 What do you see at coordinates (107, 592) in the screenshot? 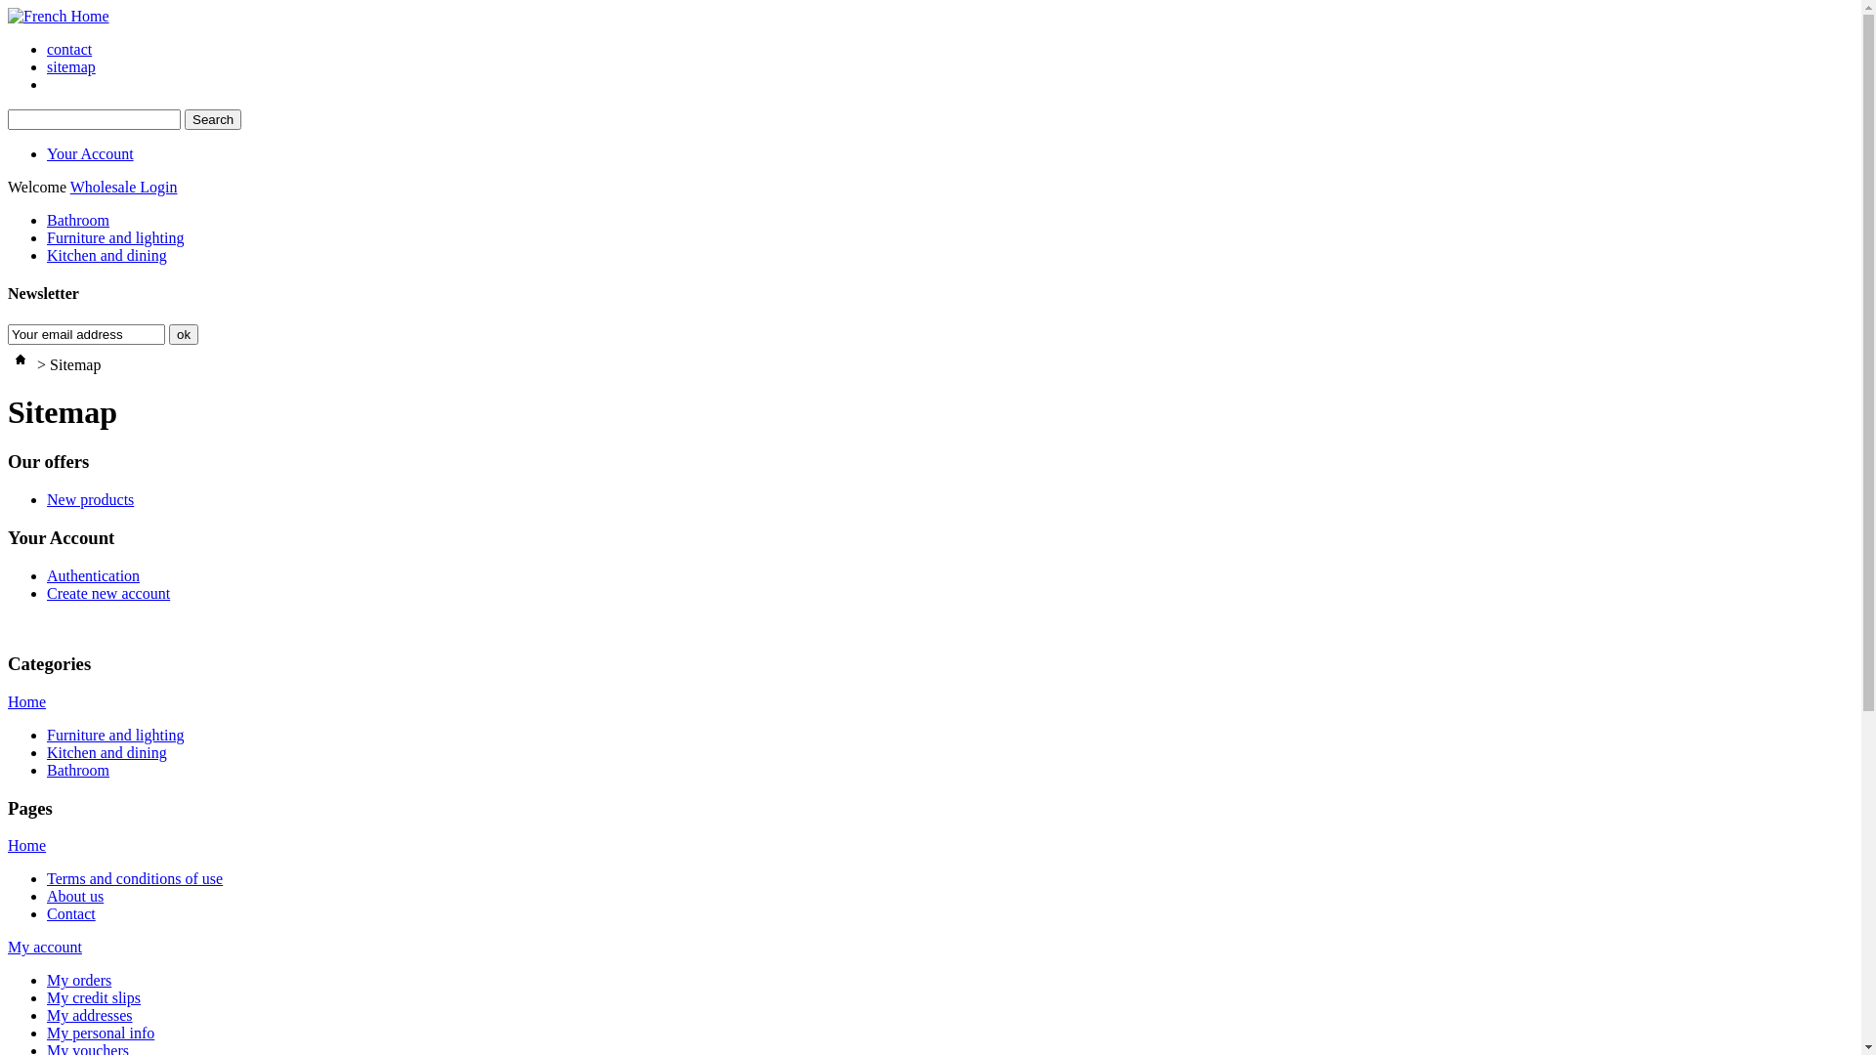
I see `'Create new account'` at bounding box center [107, 592].